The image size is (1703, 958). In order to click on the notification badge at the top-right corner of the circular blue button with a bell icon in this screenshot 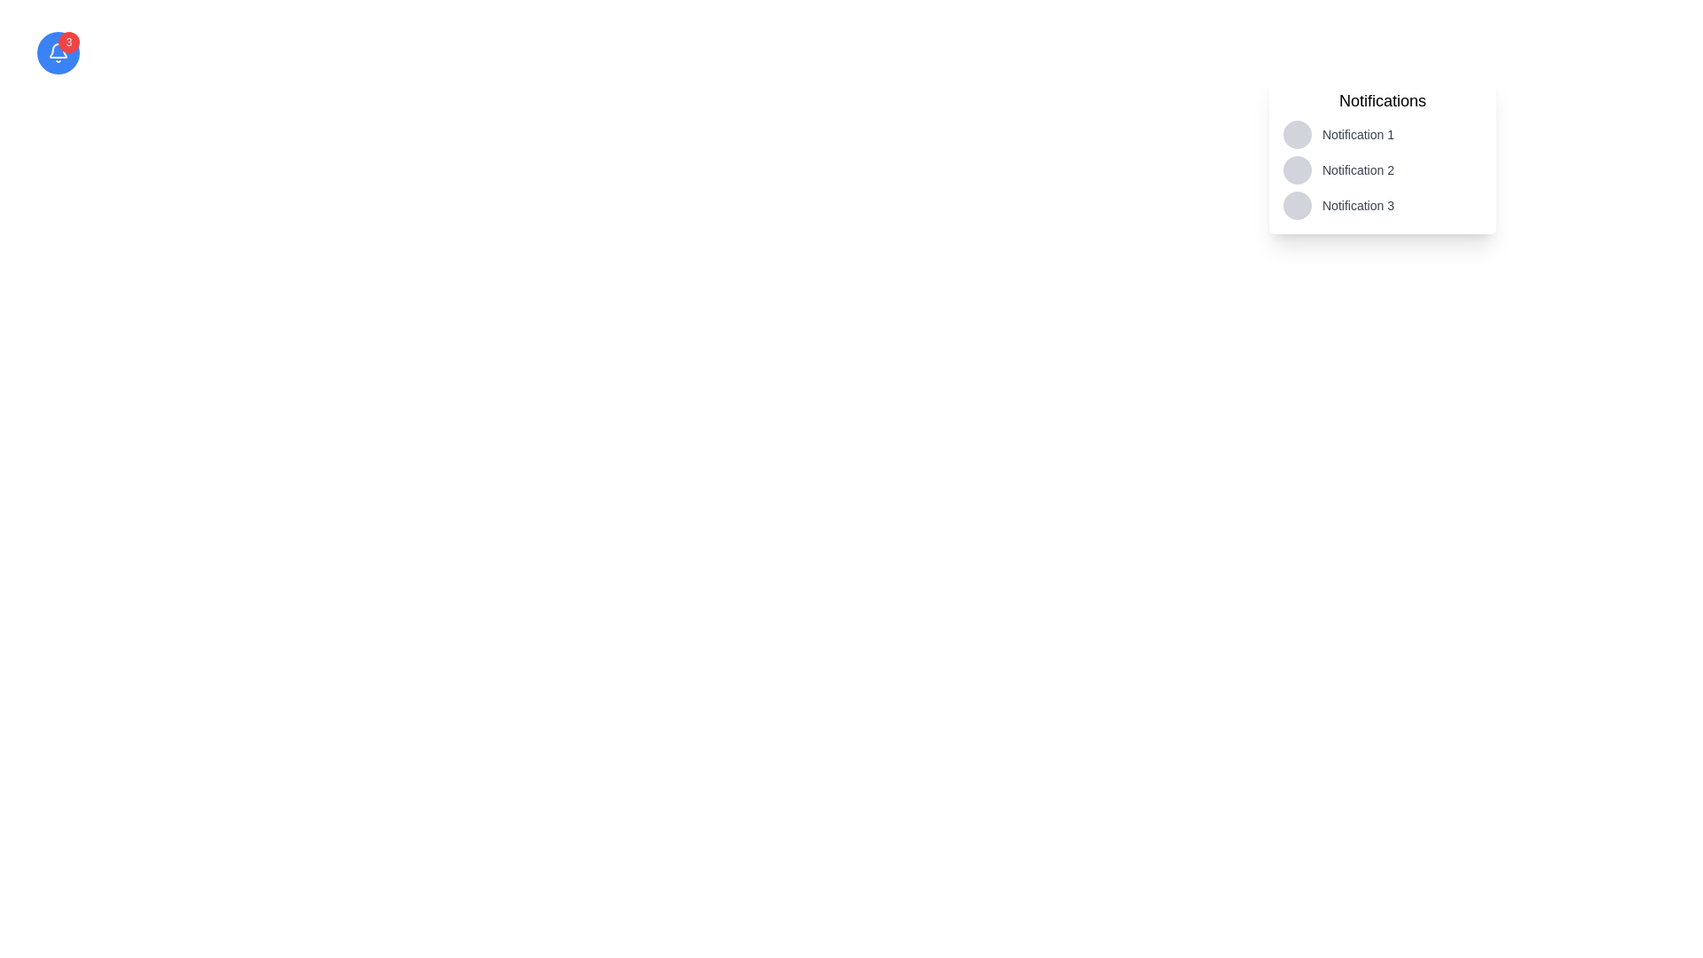, I will do `click(68, 41)`.